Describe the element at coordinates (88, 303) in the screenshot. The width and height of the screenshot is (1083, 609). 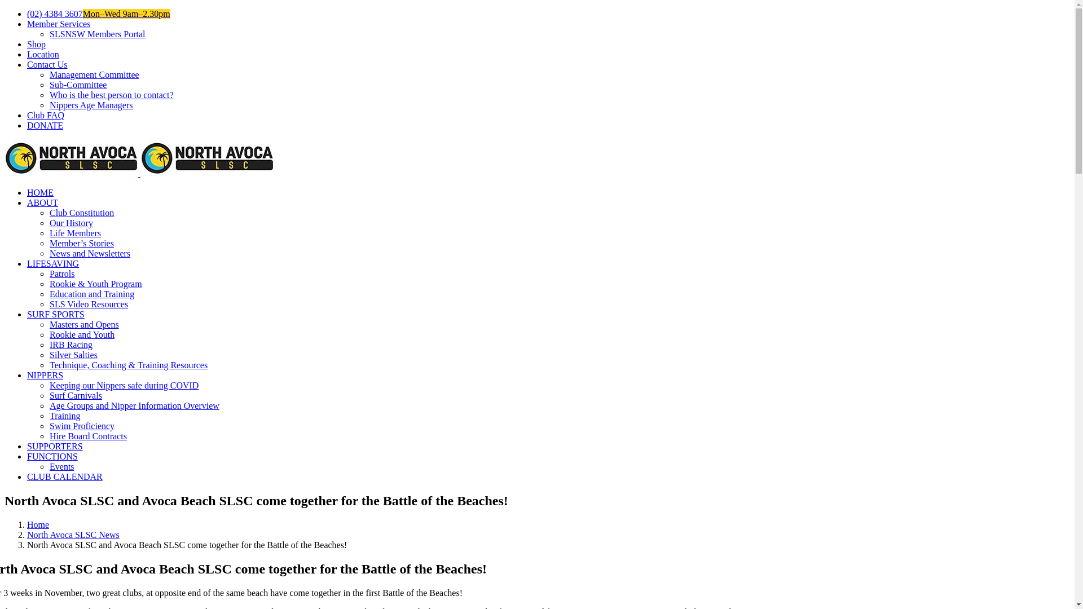
I see `'SLS Video Resources'` at that location.